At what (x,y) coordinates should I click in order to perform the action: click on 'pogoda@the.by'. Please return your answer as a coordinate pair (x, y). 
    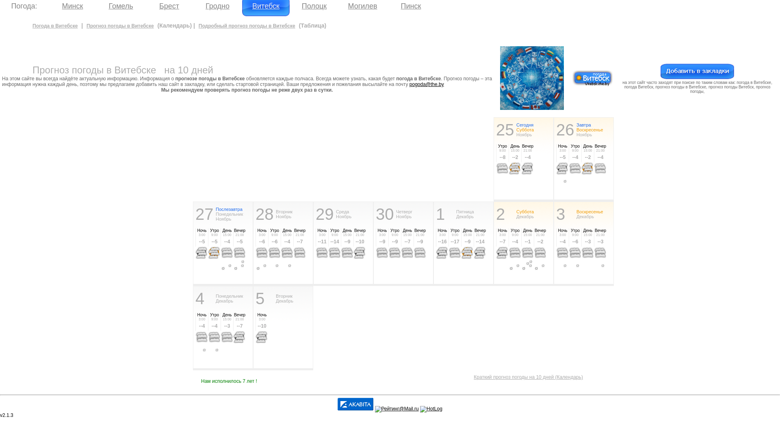
    Looking at the image, I should click on (426, 84).